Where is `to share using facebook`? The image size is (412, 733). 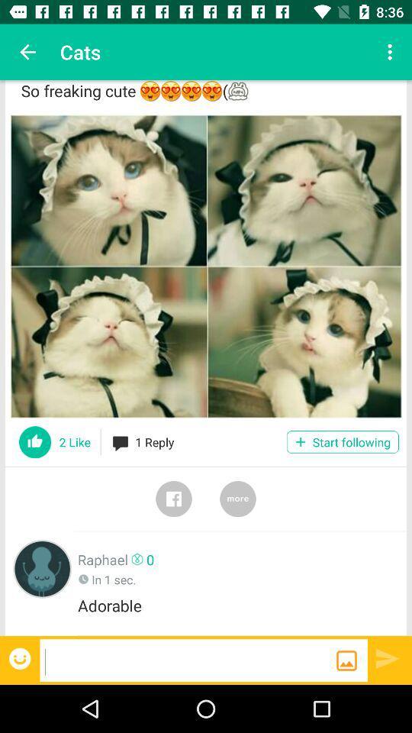 to share using facebook is located at coordinates (172, 498).